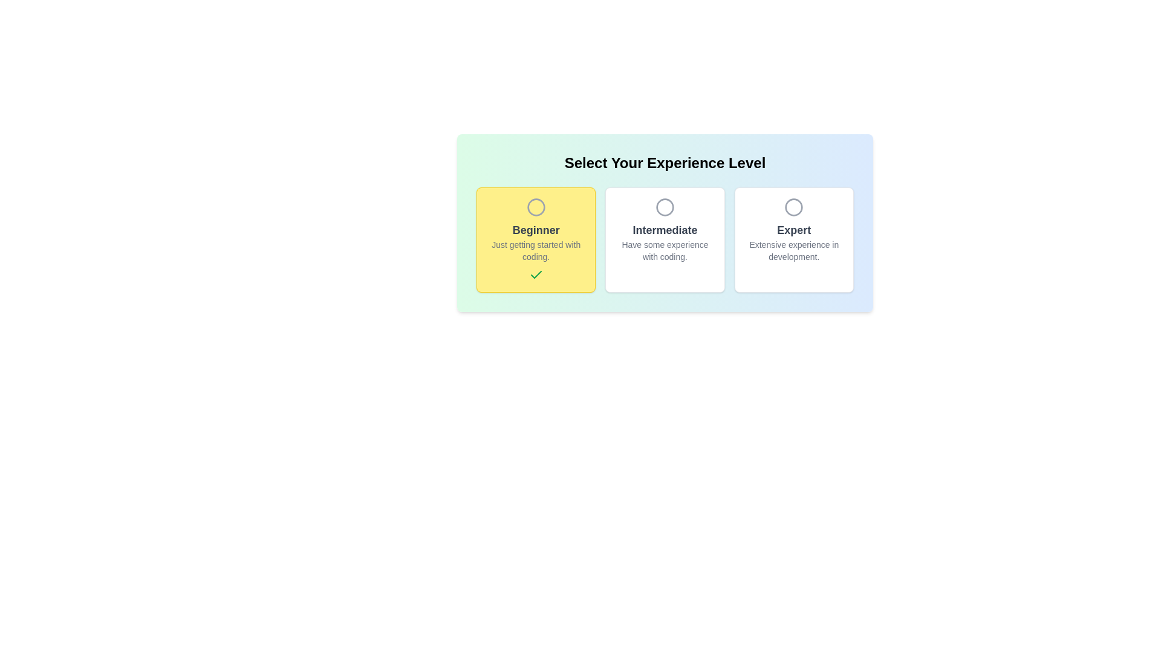 The width and height of the screenshot is (1161, 653). What do you see at coordinates (664, 207) in the screenshot?
I see `the 'Intermediate' selection icon, which is positioned above the text in the 'Intermediate' card and serves as the unselected state in a multiple-choice component` at bounding box center [664, 207].